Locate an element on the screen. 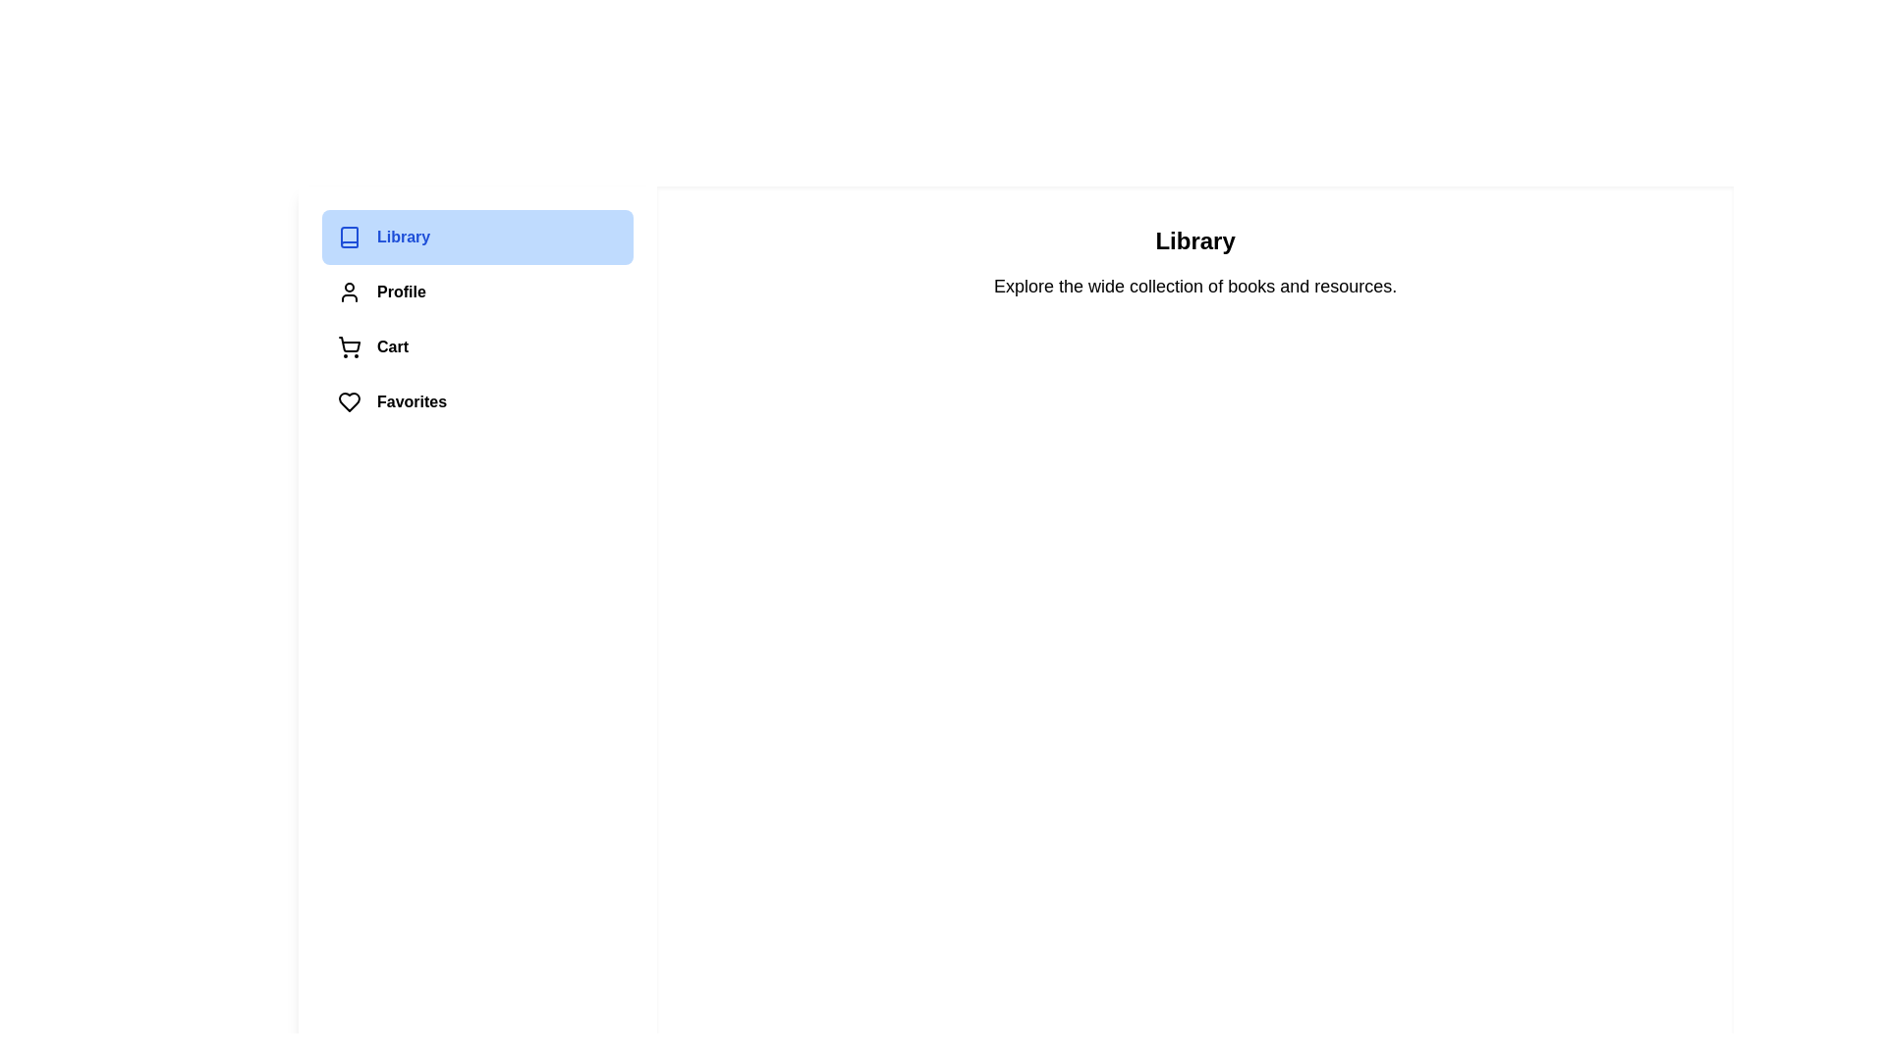  the menu tab Library to view its content is located at coordinates (476, 237).